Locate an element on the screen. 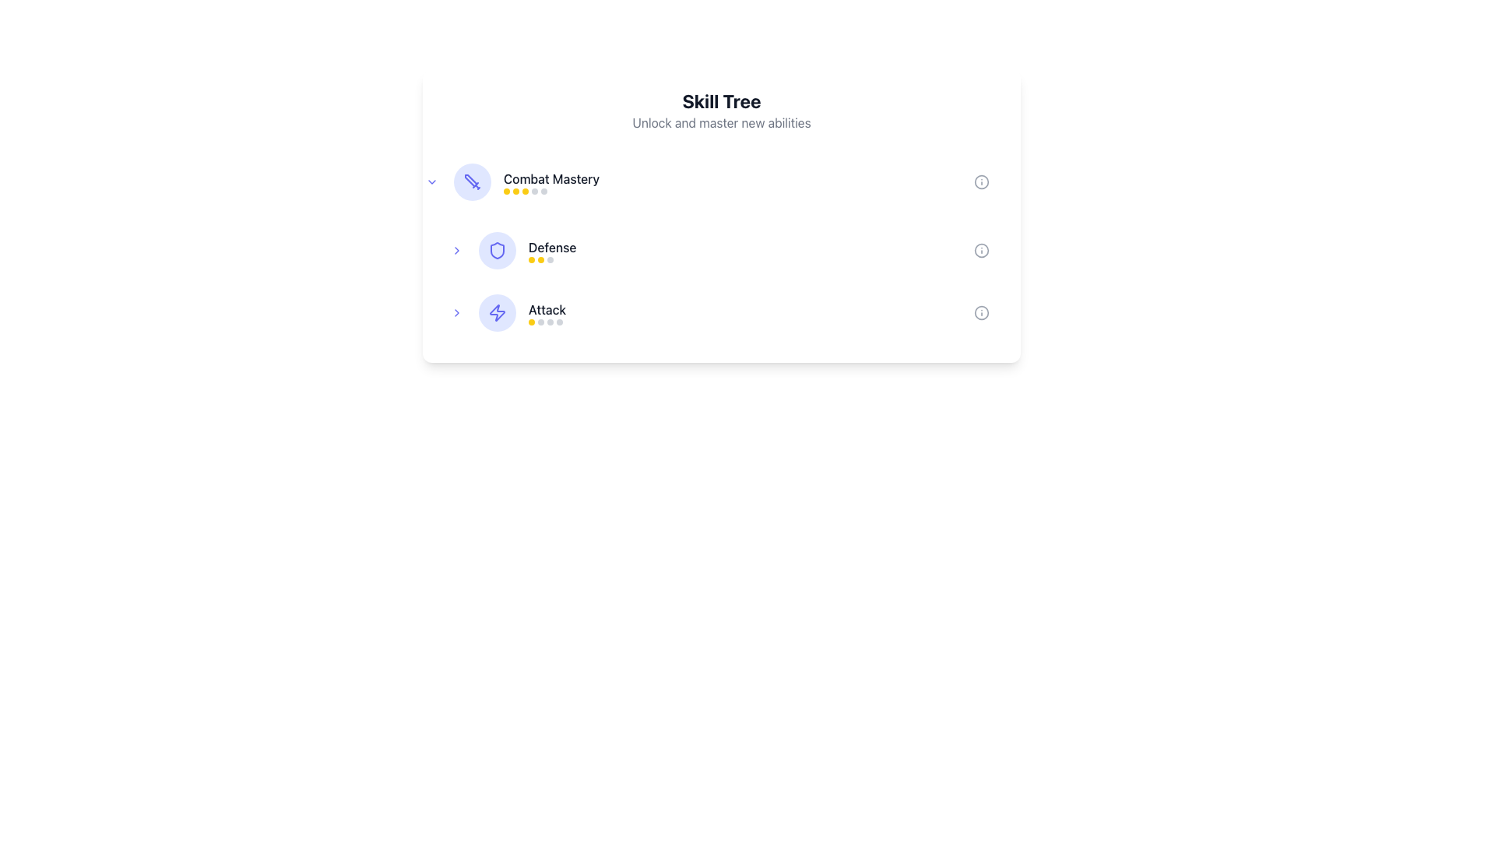 The image size is (1495, 841). the Circle (SVG Element) that serves as a visual component within the information icon related to the 'Defense' list item is located at coordinates (981, 249).